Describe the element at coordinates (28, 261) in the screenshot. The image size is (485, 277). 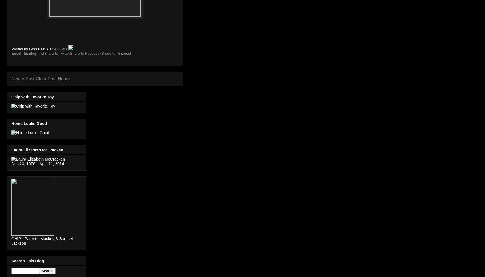
I see `'Search This Blog'` at that location.